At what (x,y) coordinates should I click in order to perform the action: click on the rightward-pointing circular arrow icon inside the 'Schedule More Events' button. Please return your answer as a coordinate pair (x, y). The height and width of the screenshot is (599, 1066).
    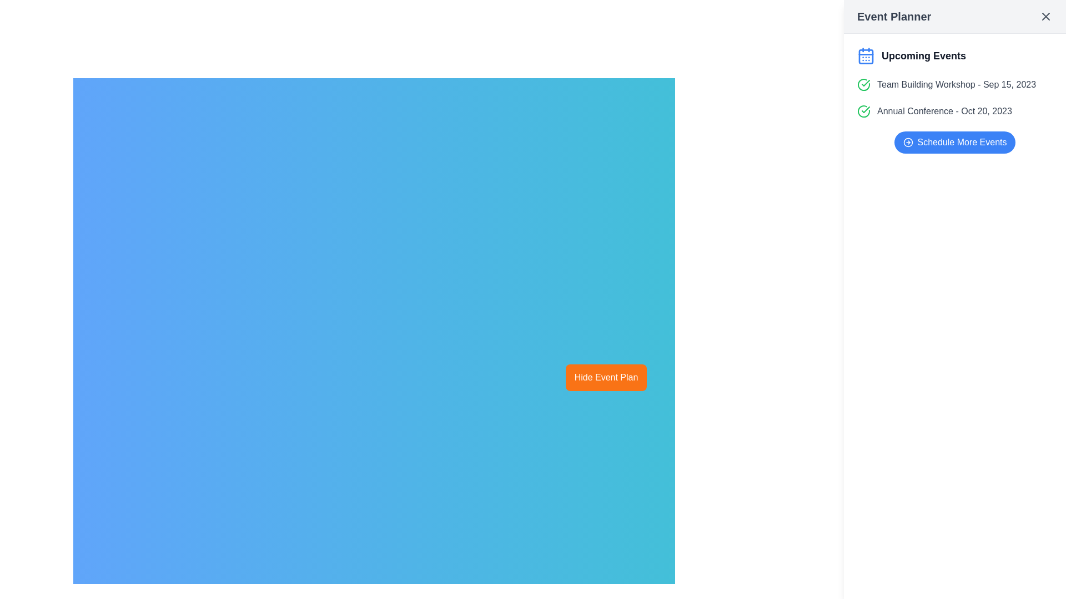
    Looking at the image, I should click on (908, 142).